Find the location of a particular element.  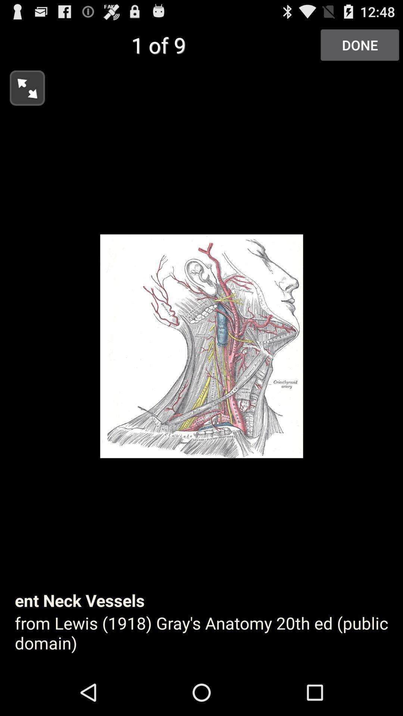

icon at the top left corner is located at coordinates (22, 86).